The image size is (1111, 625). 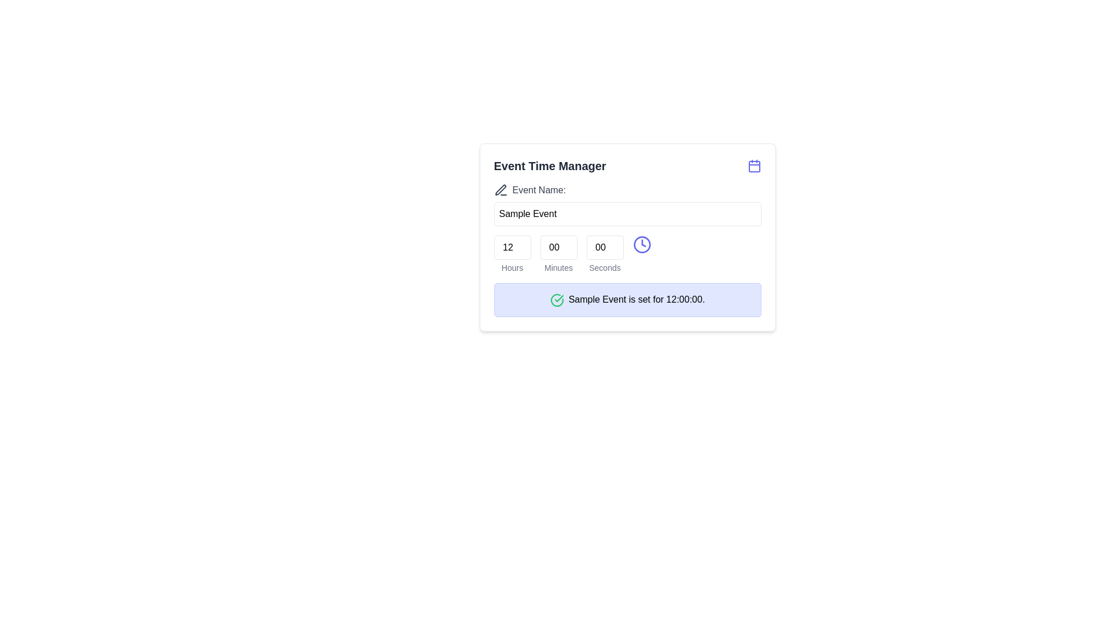 What do you see at coordinates (754, 167) in the screenshot?
I see `the graphical icon component of the calendar icon located at the top right corner of the dialog` at bounding box center [754, 167].